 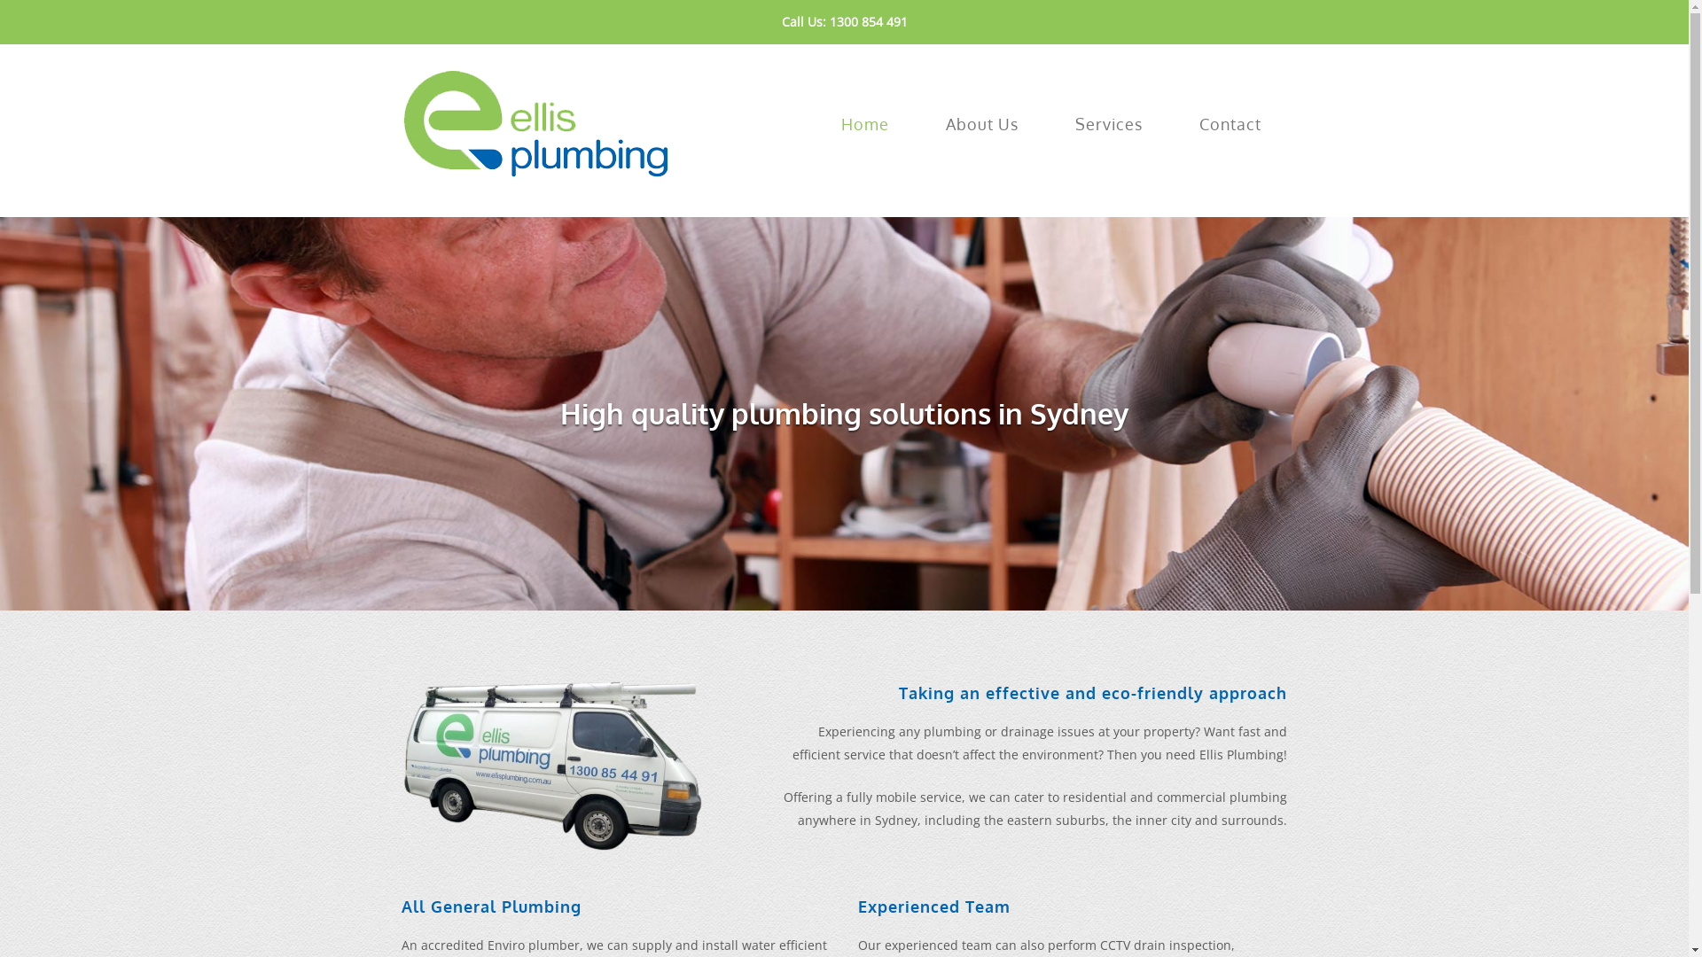 What do you see at coordinates (863, 122) in the screenshot?
I see `'Home'` at bounding box center [863, 122].